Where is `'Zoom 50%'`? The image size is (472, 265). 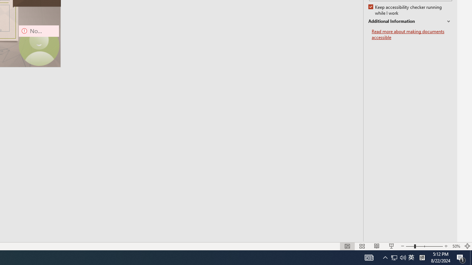
'Zoom 50%' is located at coordinates (456, 246).